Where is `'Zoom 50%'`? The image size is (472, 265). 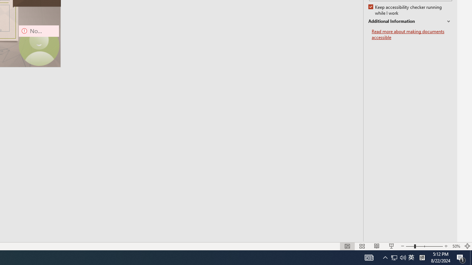
'Zoom 50%' is located at coordinates (456, 246).